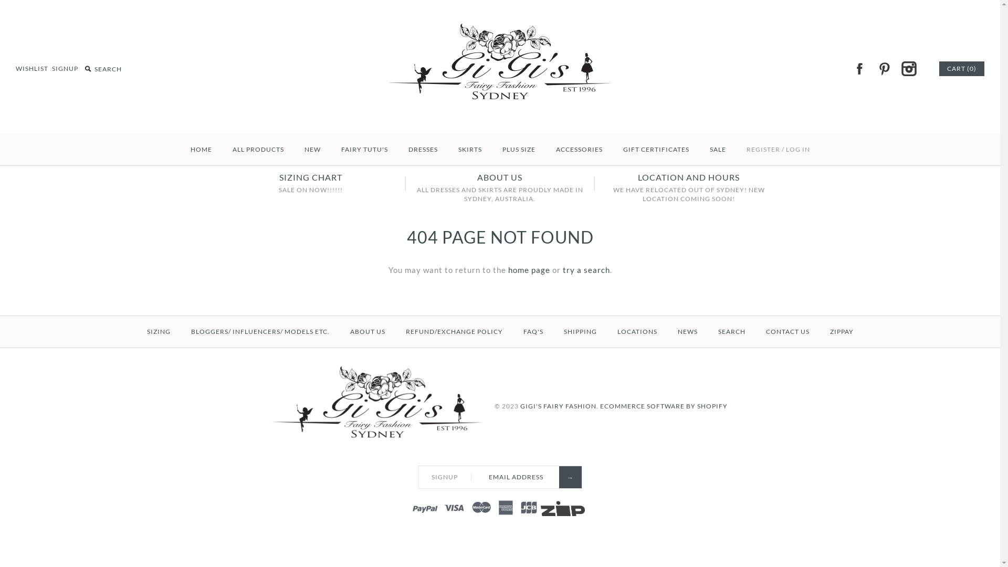 The width and height of the screenshot is (1008, 567). What do you see at coordinates (962, 69) in the screenshot?
I see `'CART (0)'` at bounding box center [962, 69].